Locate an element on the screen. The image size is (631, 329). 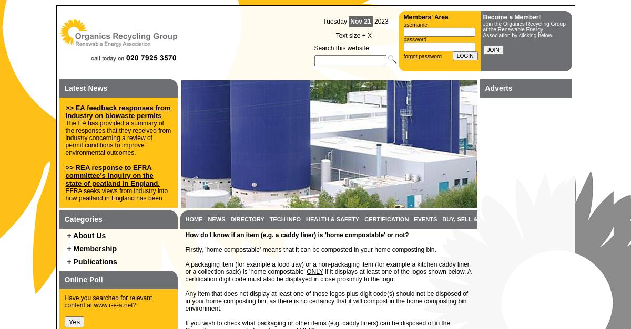
'Become a Member!' is located at coordinates (511, 17).